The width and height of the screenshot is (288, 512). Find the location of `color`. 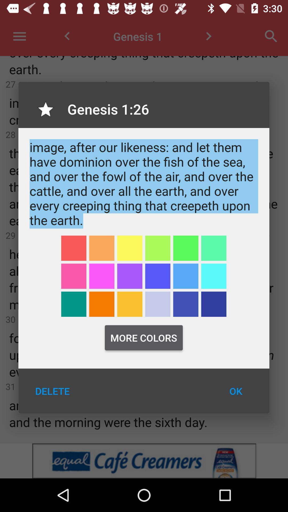

color is located at coordinates (130, 248).